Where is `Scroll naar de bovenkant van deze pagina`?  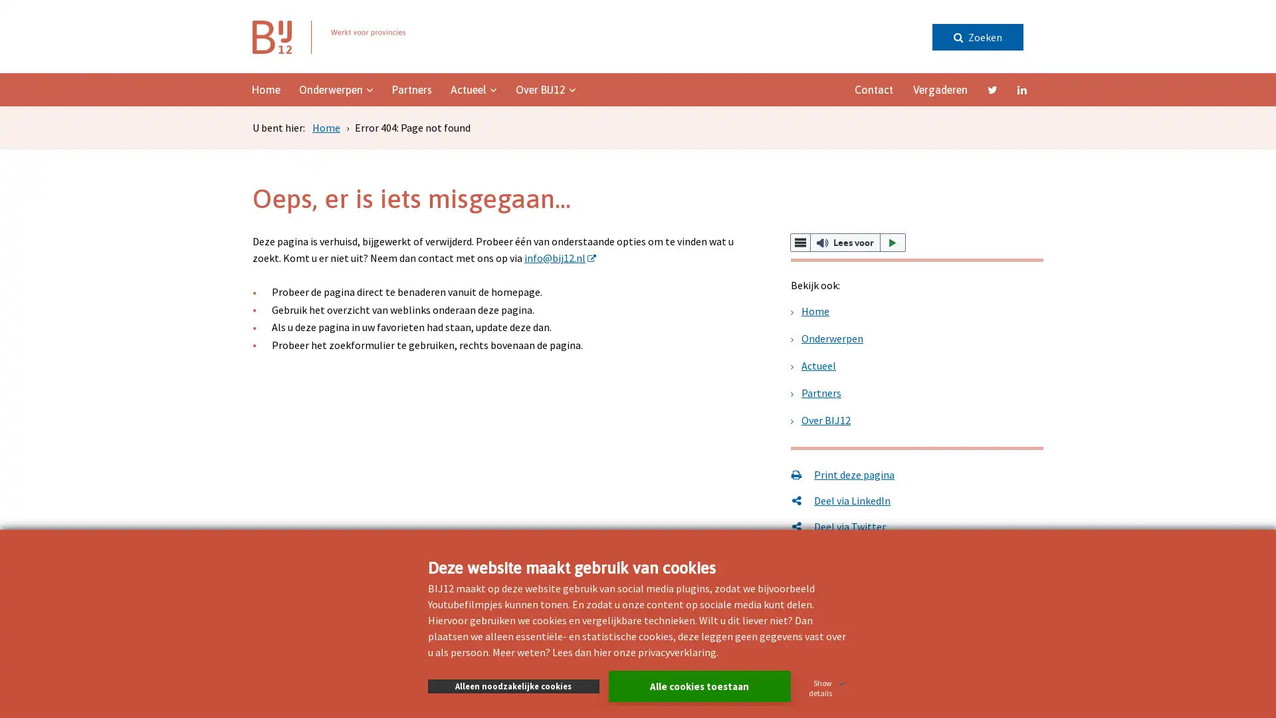
Scroll naar de bovenkant van deze pagina is located at coordinates (1226, 340).